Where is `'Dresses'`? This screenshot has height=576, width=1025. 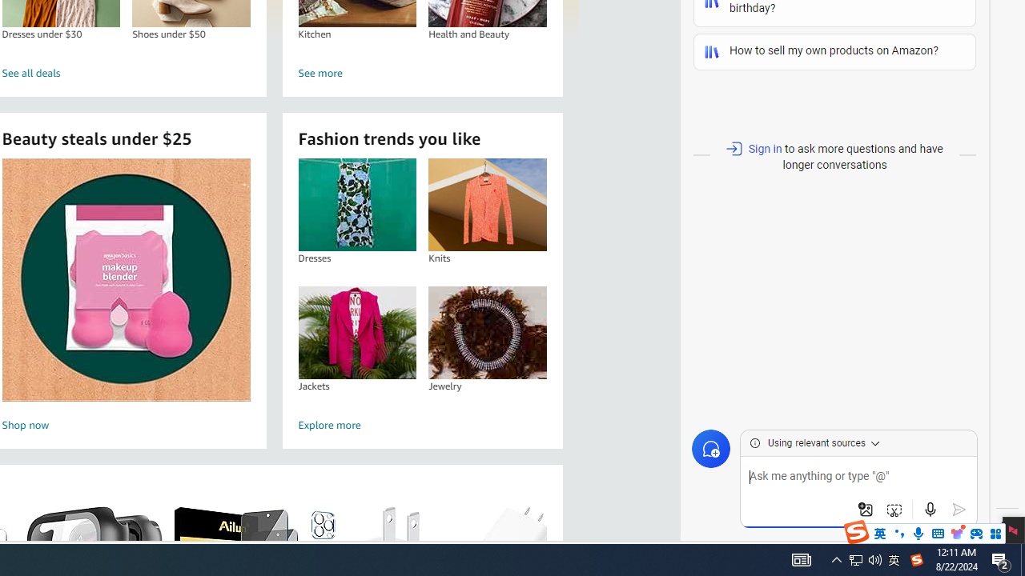
'Dresses' is located at coordinates (356, 204).